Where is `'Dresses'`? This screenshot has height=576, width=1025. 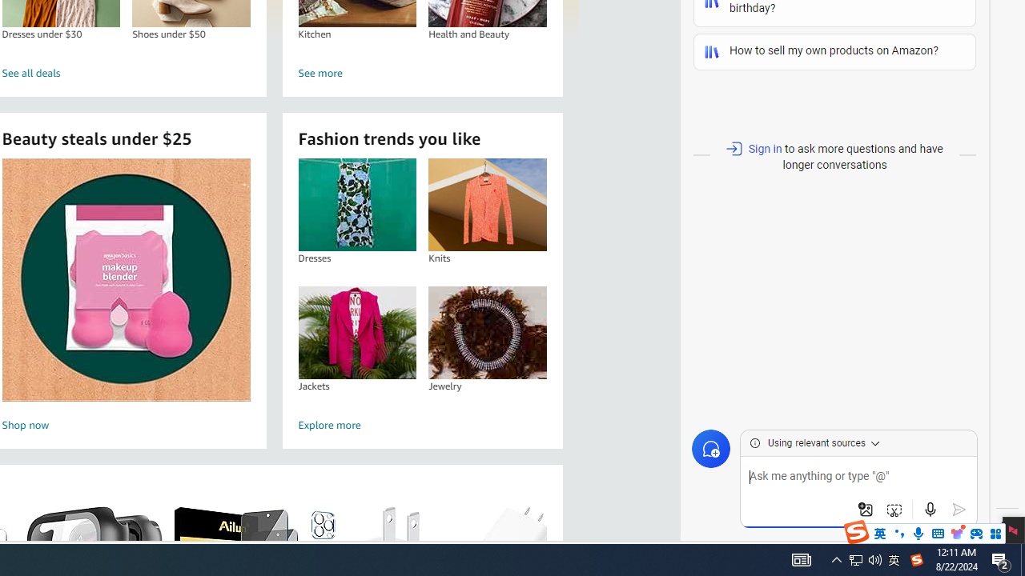
'Dresses' is located at coordinates (356, 204).